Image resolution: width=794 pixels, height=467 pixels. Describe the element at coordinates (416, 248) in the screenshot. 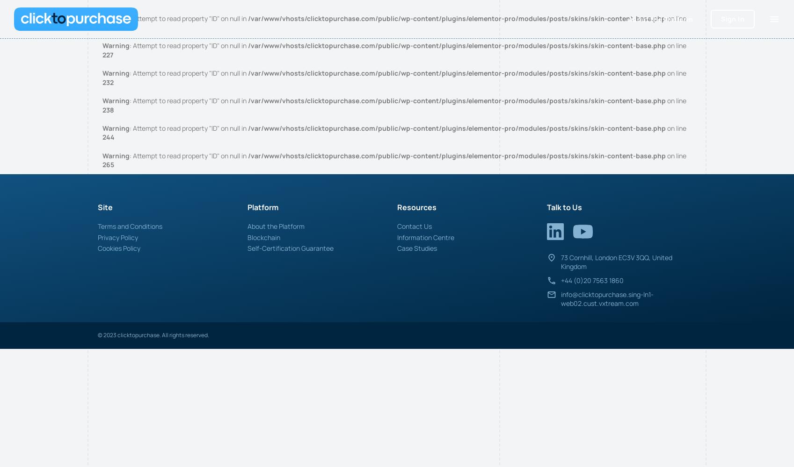

I see `'Case Studies'` at that location.